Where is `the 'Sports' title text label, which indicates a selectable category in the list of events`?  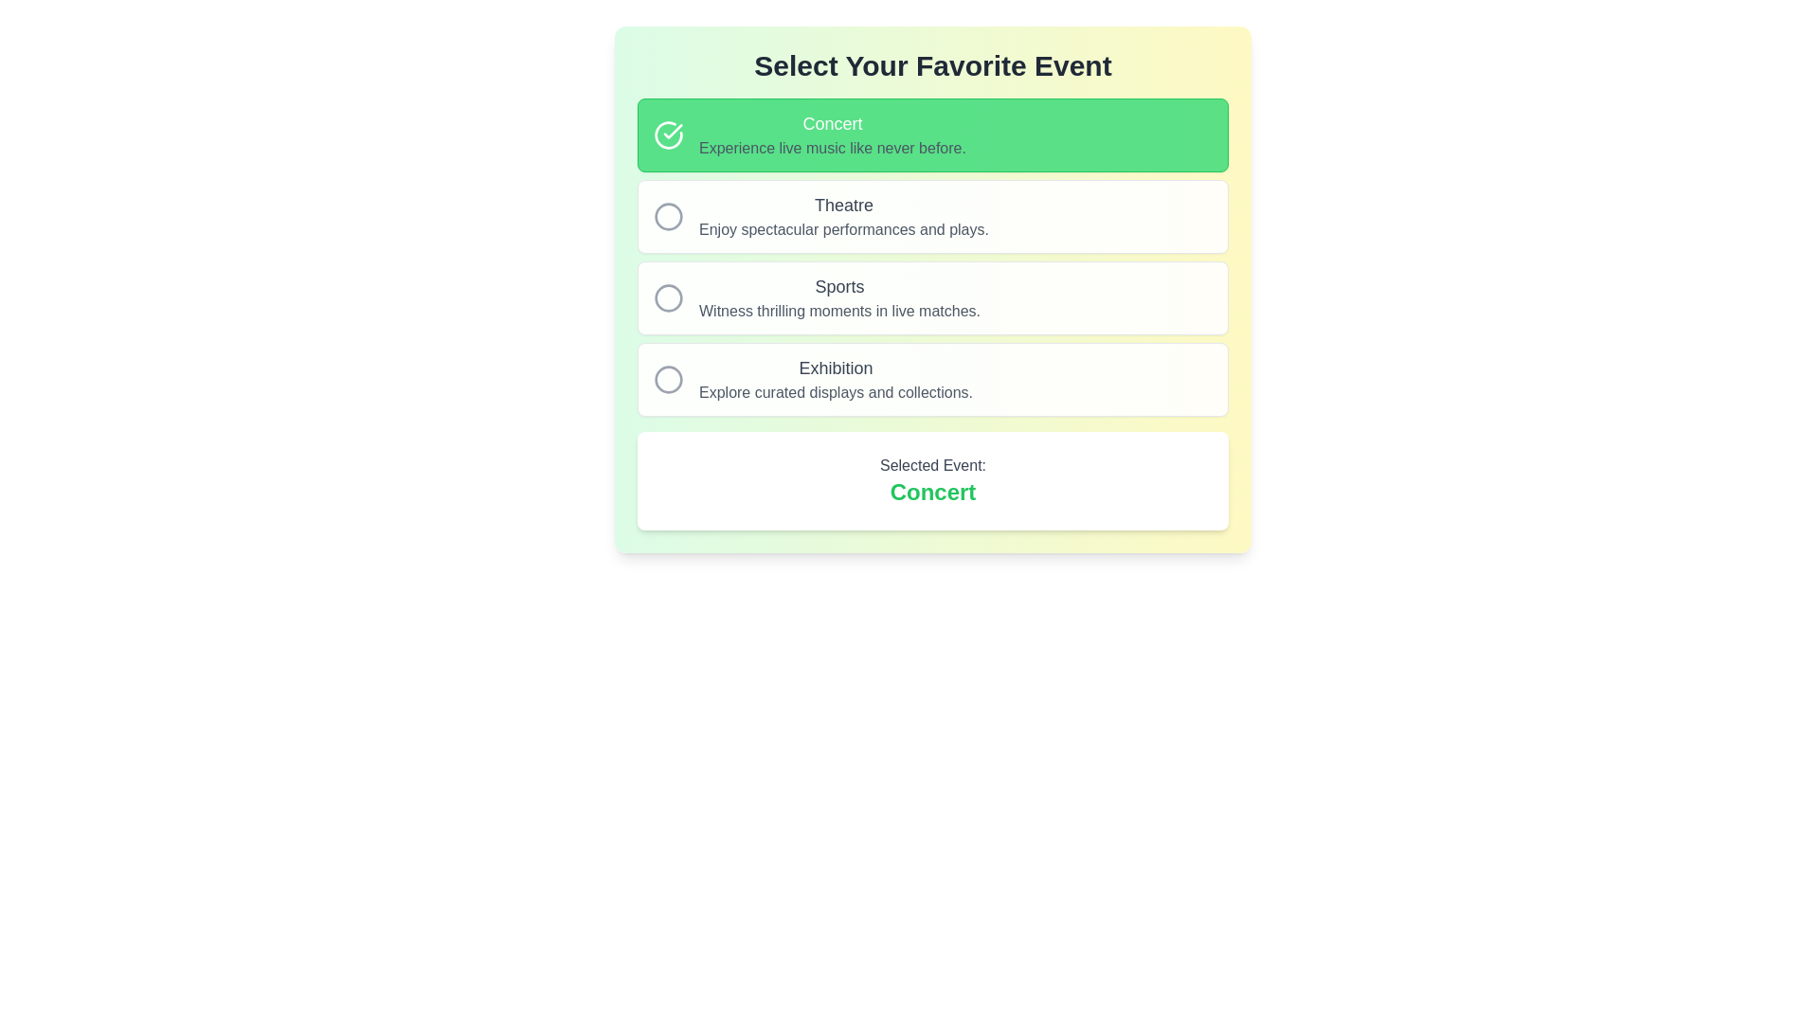
the 'Sports' title text label, which indicates a selectable category in the list of events is located at coordinates (838, 287).